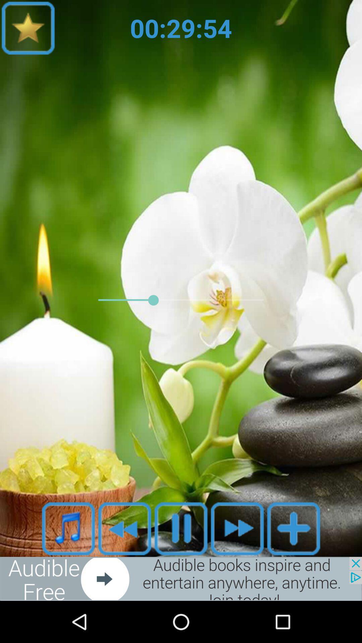 This screenshot has width=362, height=643. Describe the element at coordinates (237, 528) in the screenshot. I see `next music` at that location.